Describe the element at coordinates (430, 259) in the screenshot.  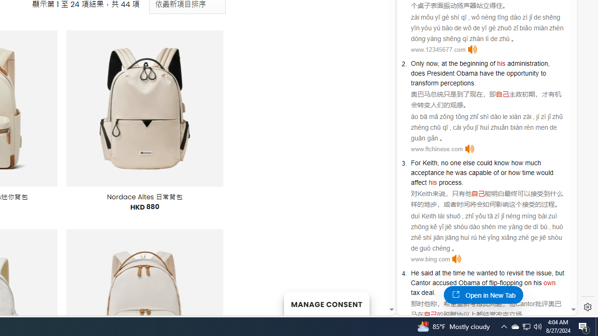
I see `'www.bing.com'` at that location.